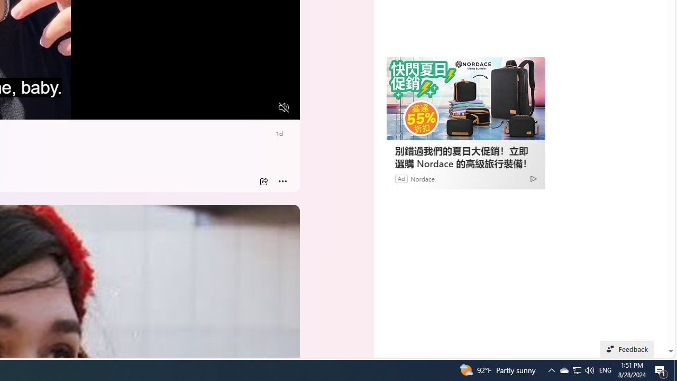  I want to click on 'Fullscreen', so click(263, 107).